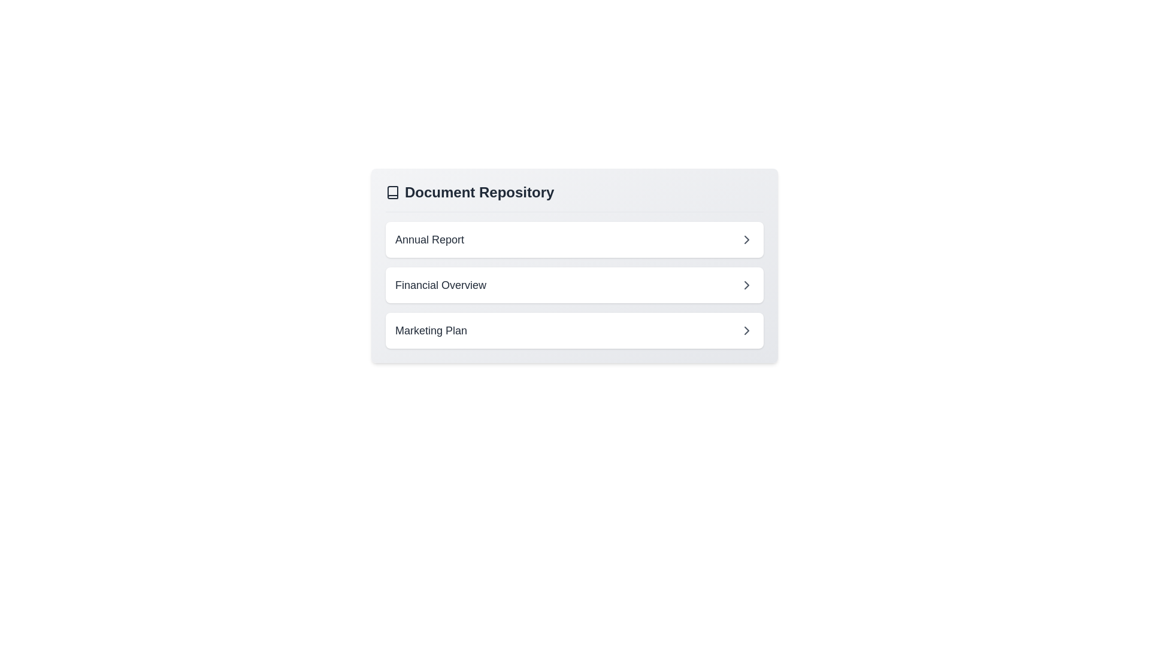 The height and width of the screenshot is (646, 1150). I want to click on the 'Annual Report' list item, so click(574, 240).